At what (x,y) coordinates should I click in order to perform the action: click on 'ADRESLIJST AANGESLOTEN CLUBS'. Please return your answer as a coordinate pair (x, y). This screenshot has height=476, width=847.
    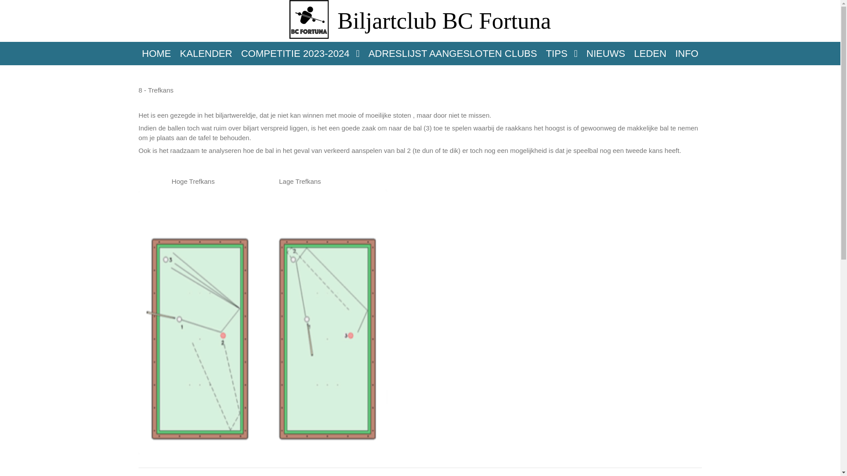
    Looking at the image, I should click on (453, 53).